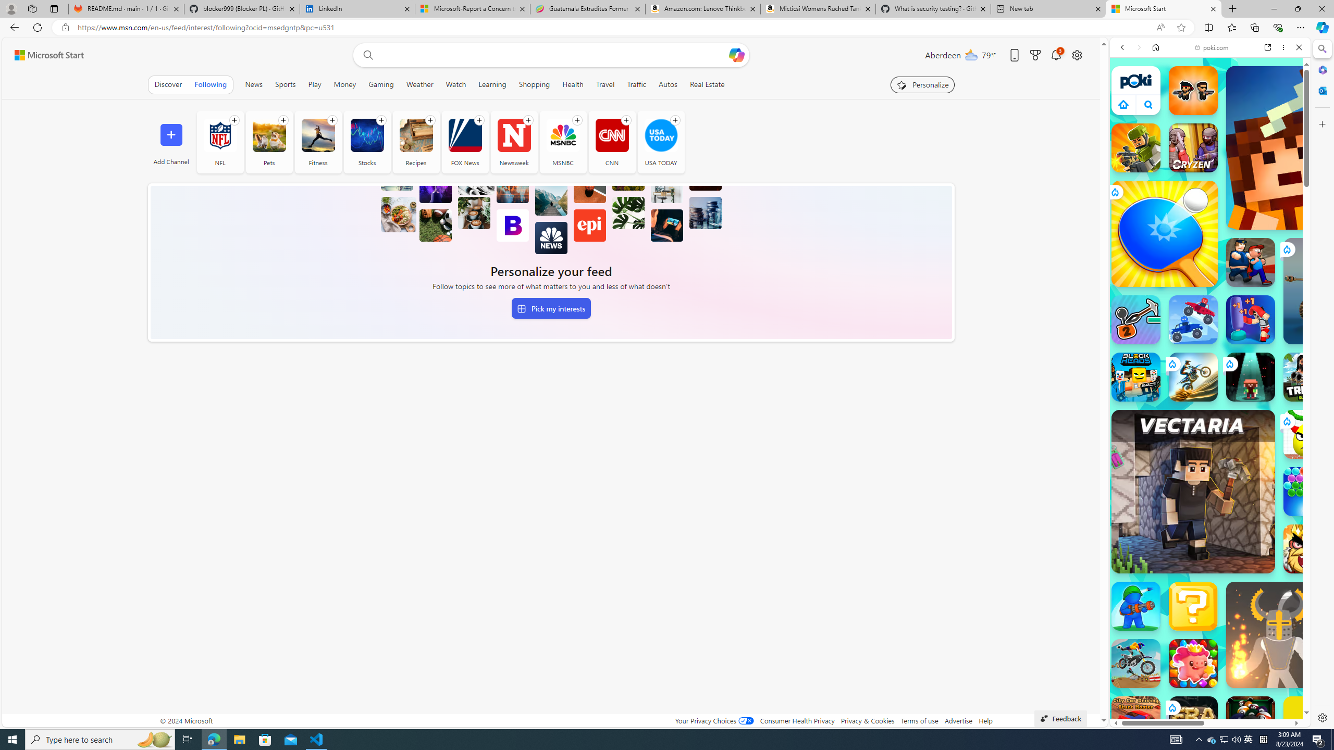 This screenshot has height=750, width=1334. Describe the element at coordinates (1308, 377) in the screenshot. I see `'Tribals.io'` at that location.